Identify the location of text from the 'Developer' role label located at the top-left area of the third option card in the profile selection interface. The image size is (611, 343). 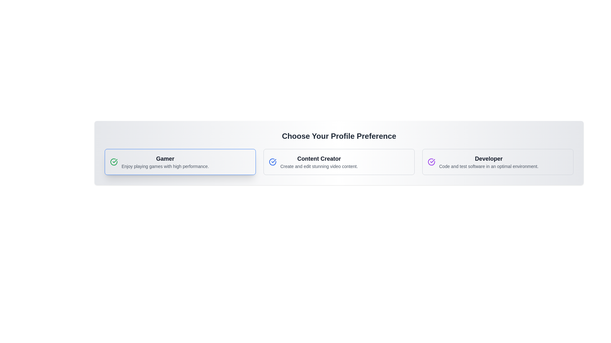
(488, 158).